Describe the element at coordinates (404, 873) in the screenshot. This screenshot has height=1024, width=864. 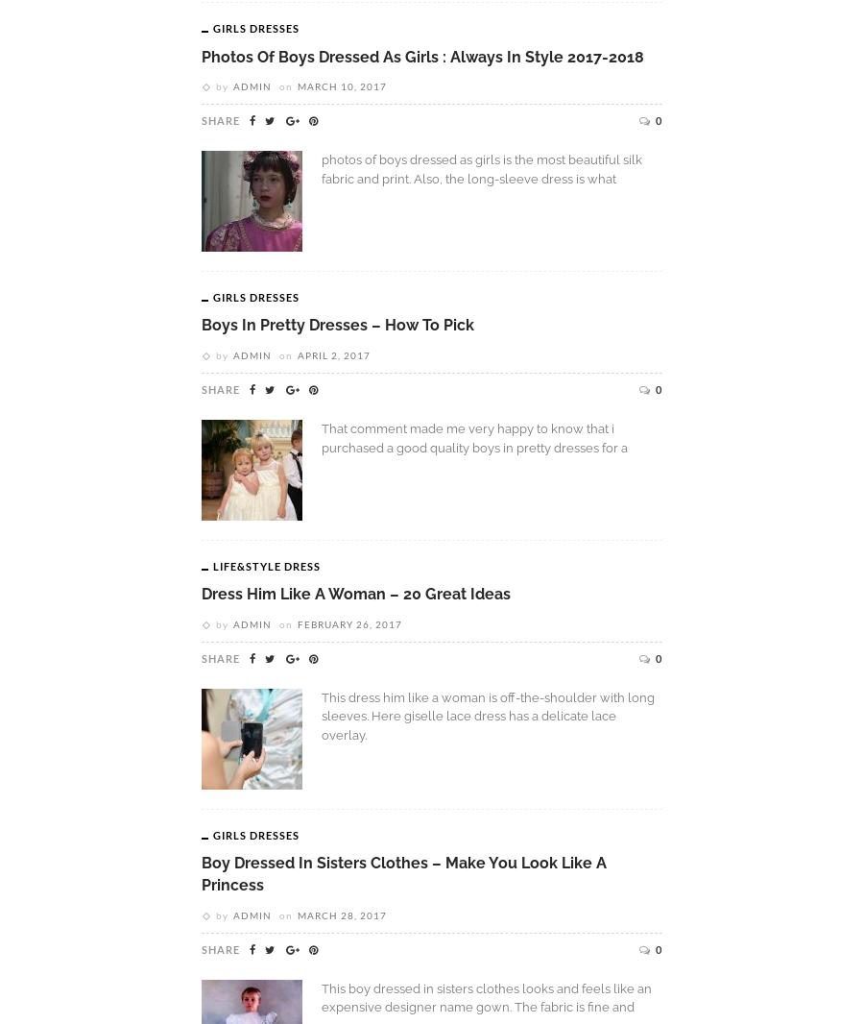
I see `'Boy Dressed In Sisters Clothes – Make You Look Like A Princess'` at that location.